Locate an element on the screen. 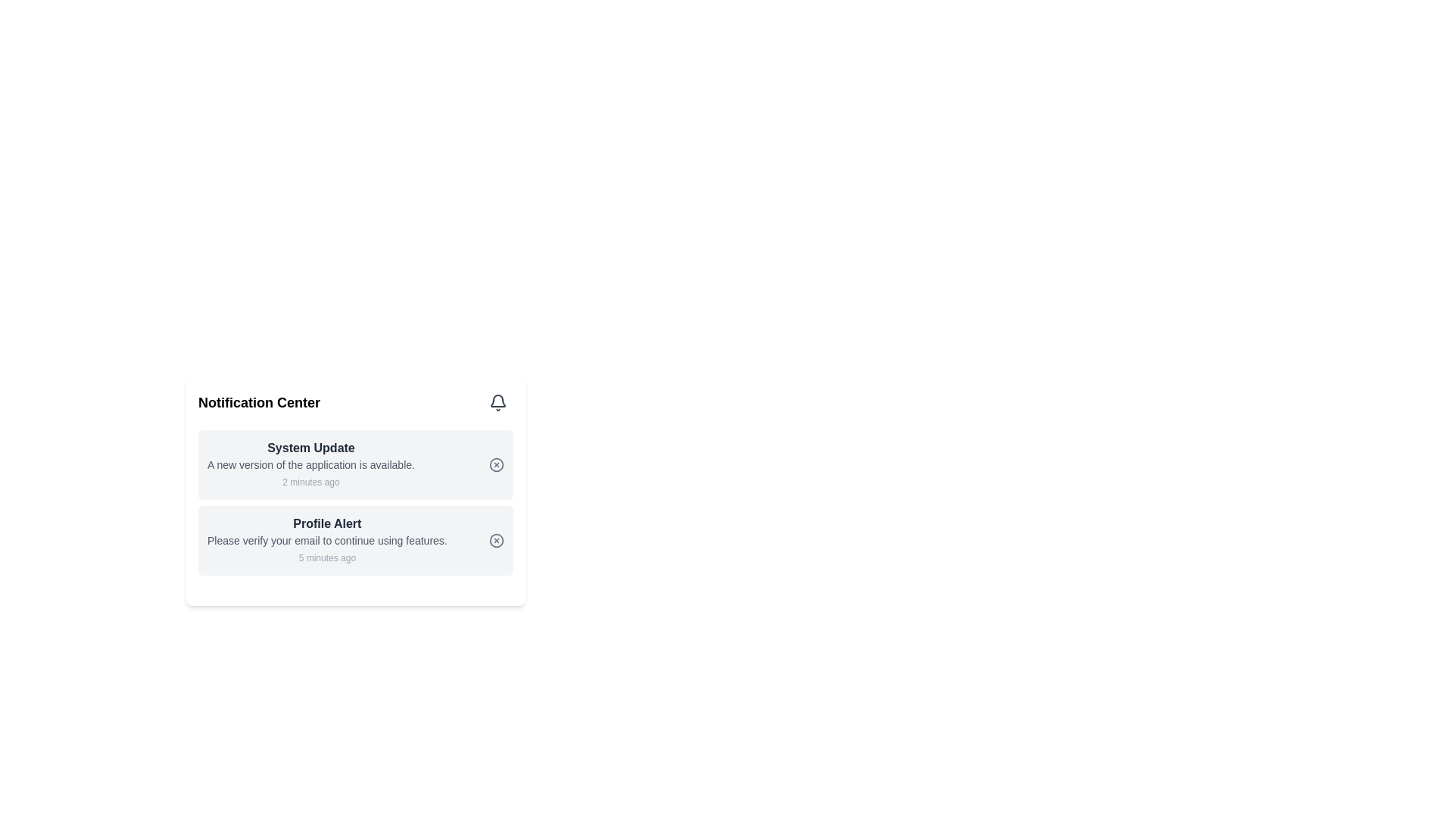 The height and width of the screenshot is (818, 1454). the decorative SVG circle that represents a close action, located slightly to the right of the text 'Profile Alert' in the second notification card under 'Notification Center' is located at coordinates (497, 539).